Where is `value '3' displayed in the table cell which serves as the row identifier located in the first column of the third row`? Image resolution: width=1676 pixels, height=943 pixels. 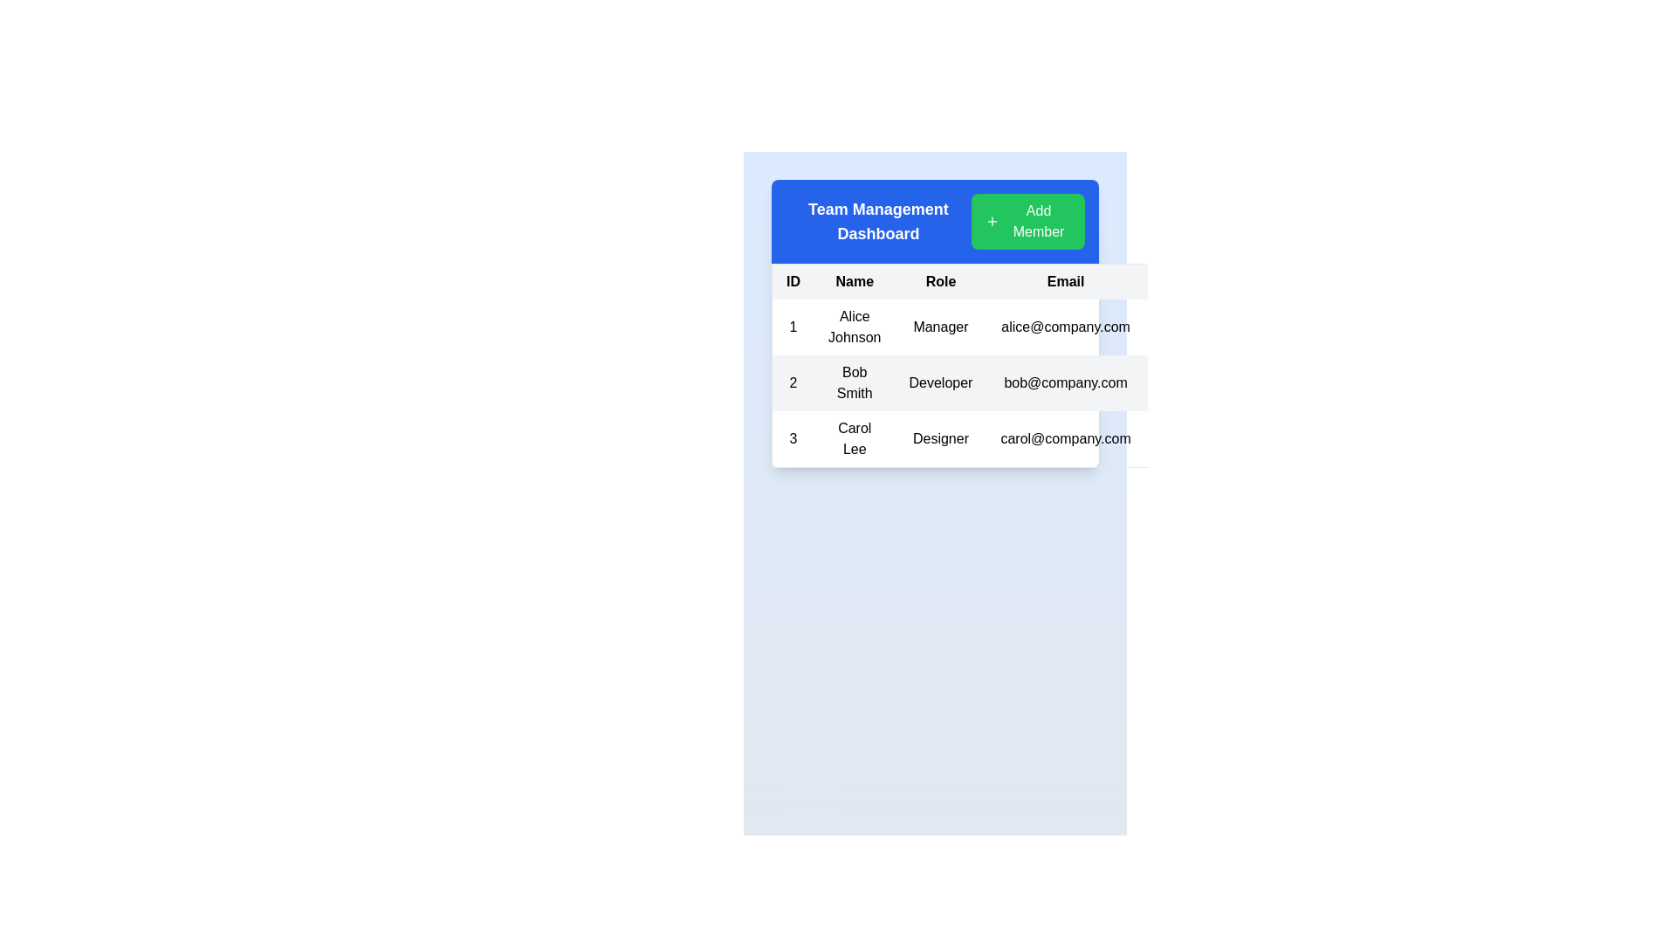
value '3' displayed in the table cell which serves as the row identifier located in the first column of the third row is located at coordinates (792, 438).